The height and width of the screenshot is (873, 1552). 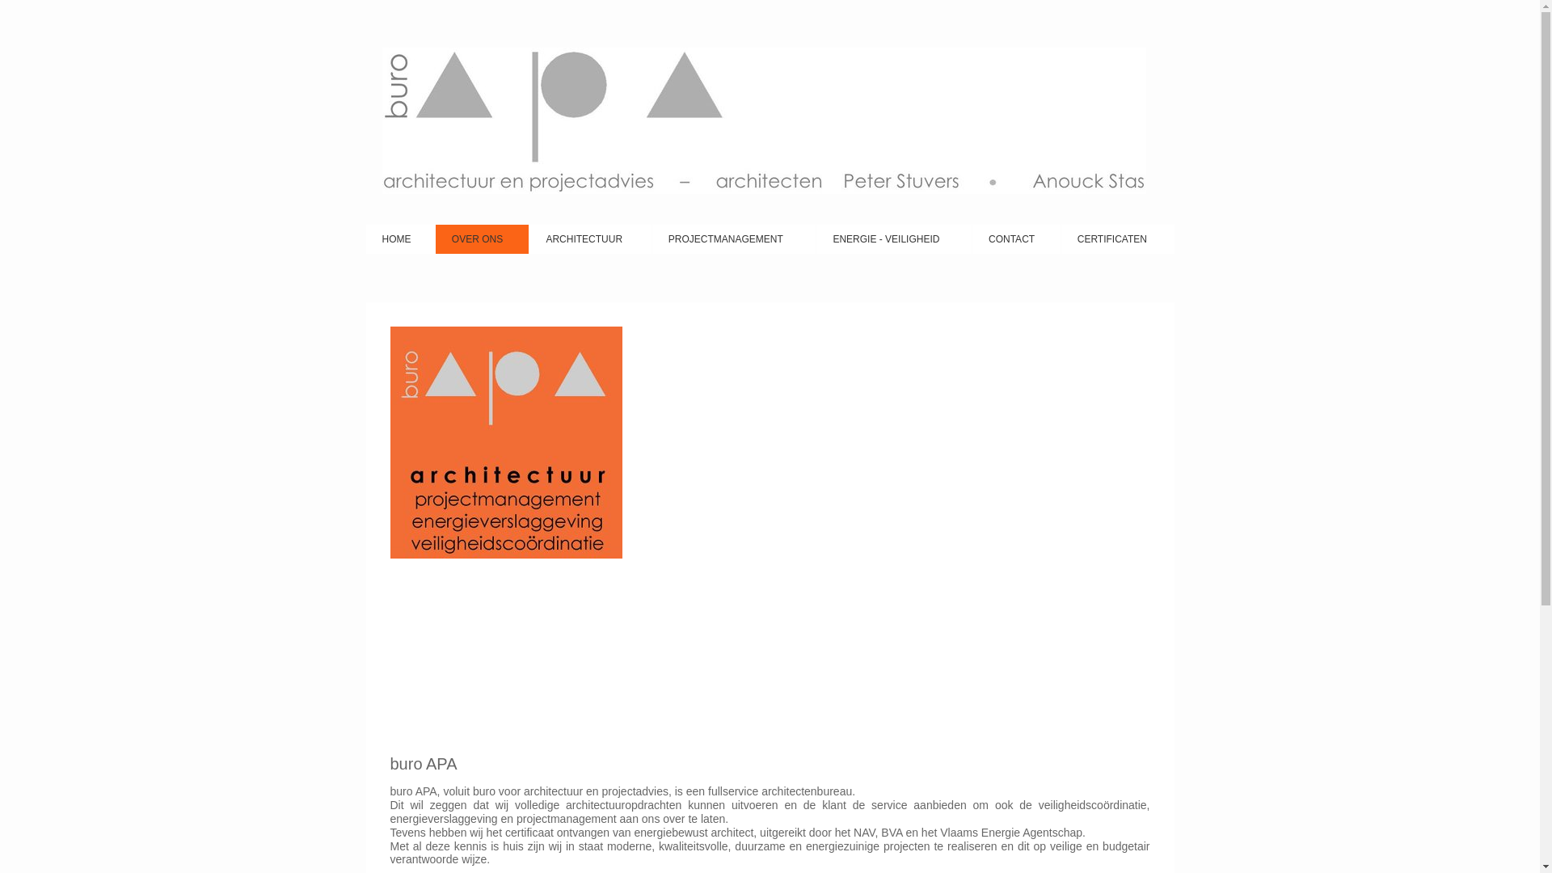 What do you see at coordinates (1015, 239) in the screenshot?
I see `'CONTACT'` at bounding box center [1015, 239].